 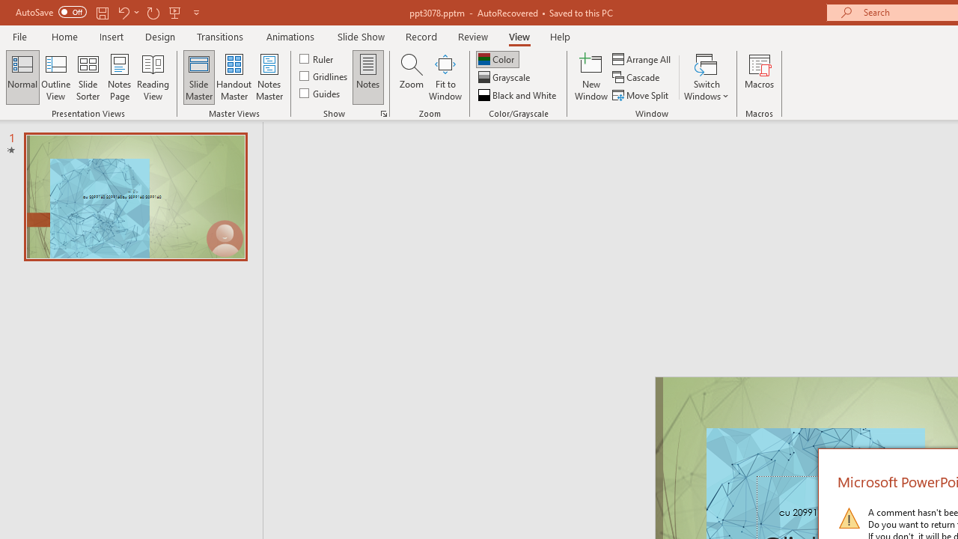 I want to click on 'Macros', so click(x=760, y=77).